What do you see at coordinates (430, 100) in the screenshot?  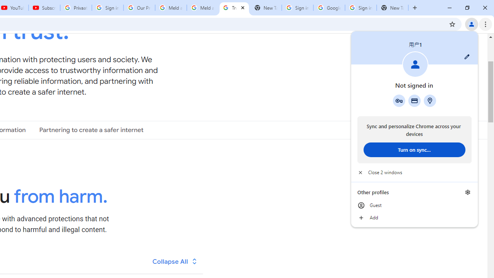 I see `'Addresses and more'` at bounding box center [430, 100].